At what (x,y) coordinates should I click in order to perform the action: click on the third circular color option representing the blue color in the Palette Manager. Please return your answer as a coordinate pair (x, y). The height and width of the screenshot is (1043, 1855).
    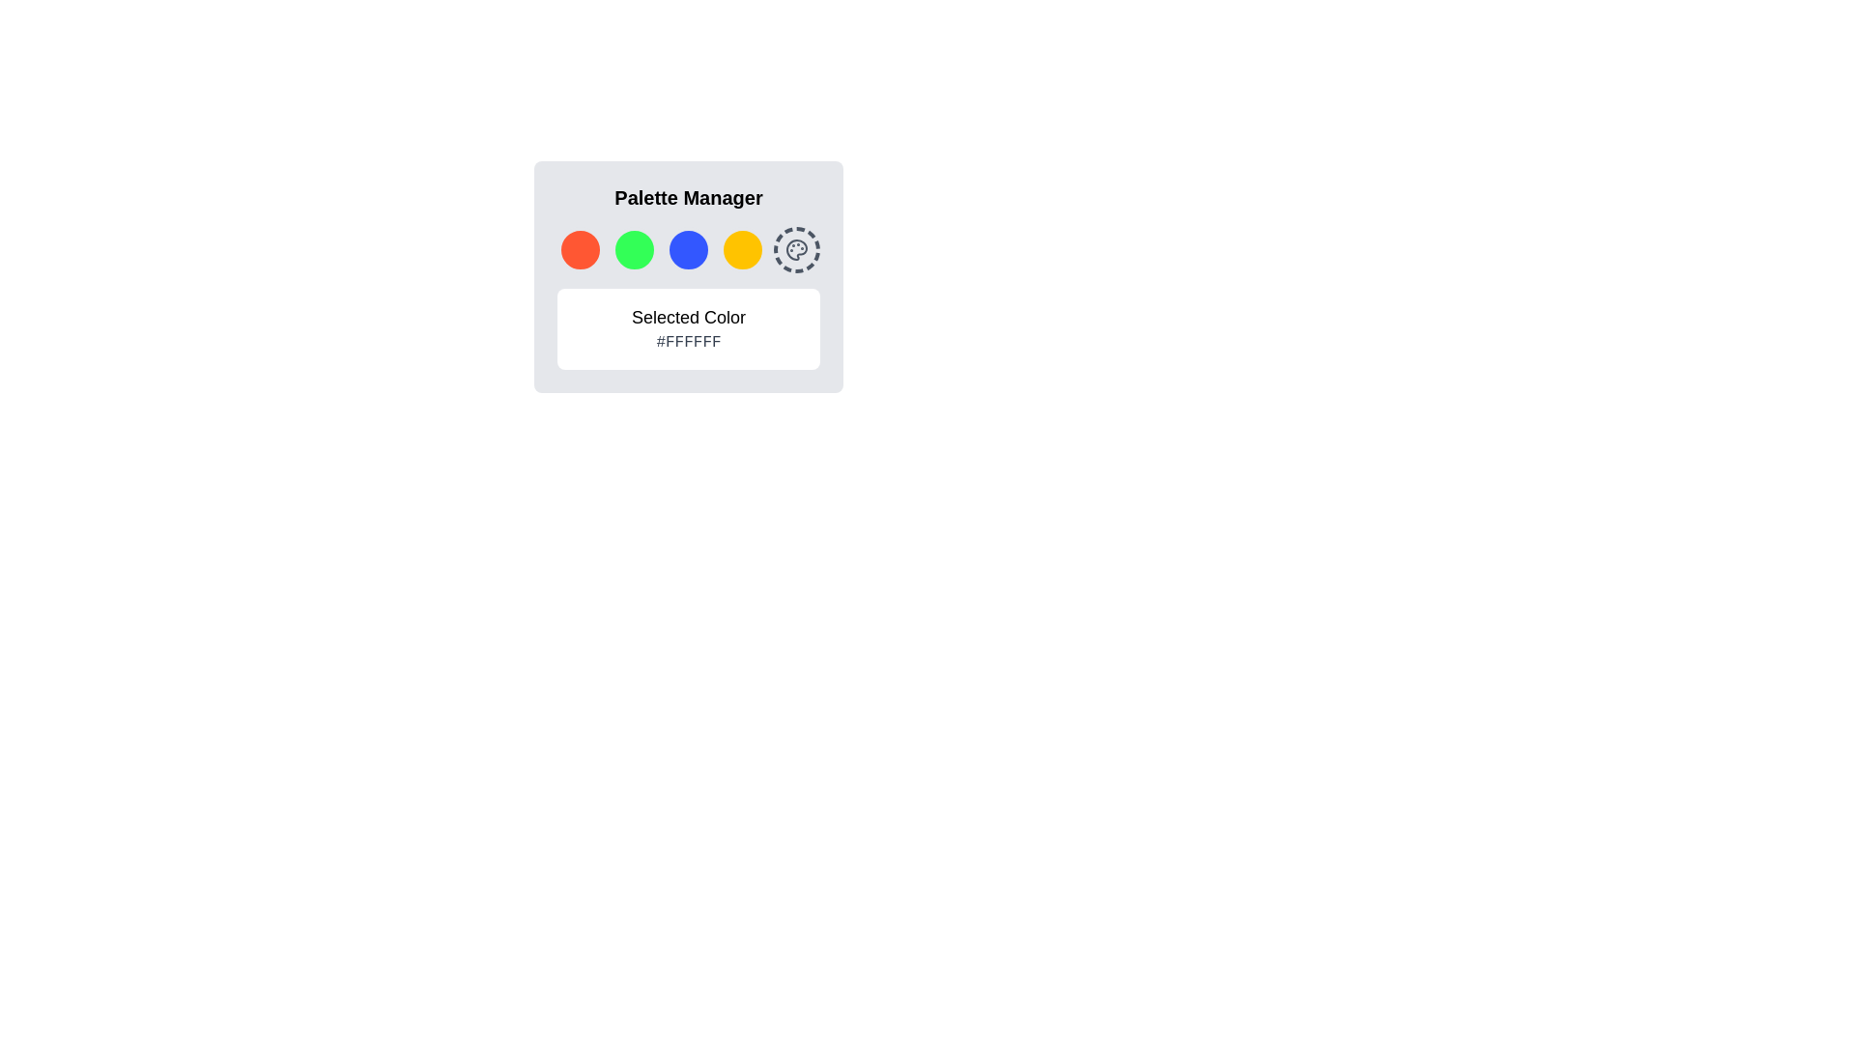
    Looking at the image, I should click on (689, 248).